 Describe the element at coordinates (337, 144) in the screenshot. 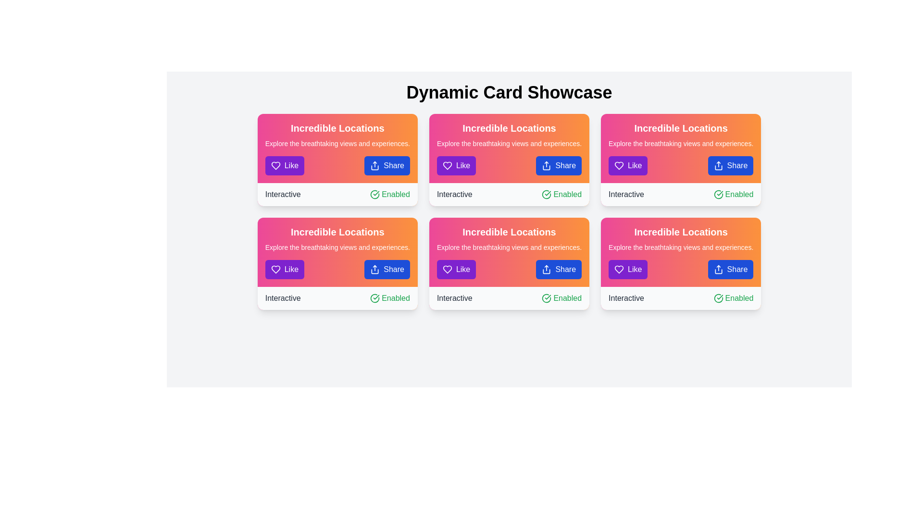

I see `the text element displaying 'Explore the breathtaking views and experiences.' which is located below the title 'Incredible Locations' in the top-left card of the grid layout` at that location.